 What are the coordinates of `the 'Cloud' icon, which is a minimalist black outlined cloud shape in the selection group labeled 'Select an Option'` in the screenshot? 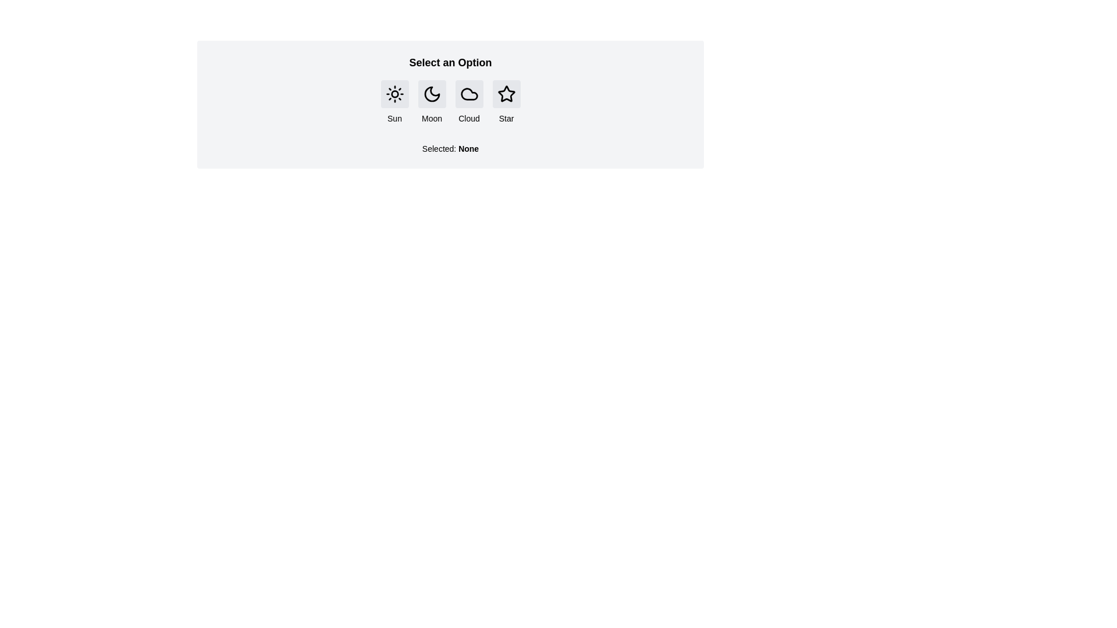 It's located at (469, 94).